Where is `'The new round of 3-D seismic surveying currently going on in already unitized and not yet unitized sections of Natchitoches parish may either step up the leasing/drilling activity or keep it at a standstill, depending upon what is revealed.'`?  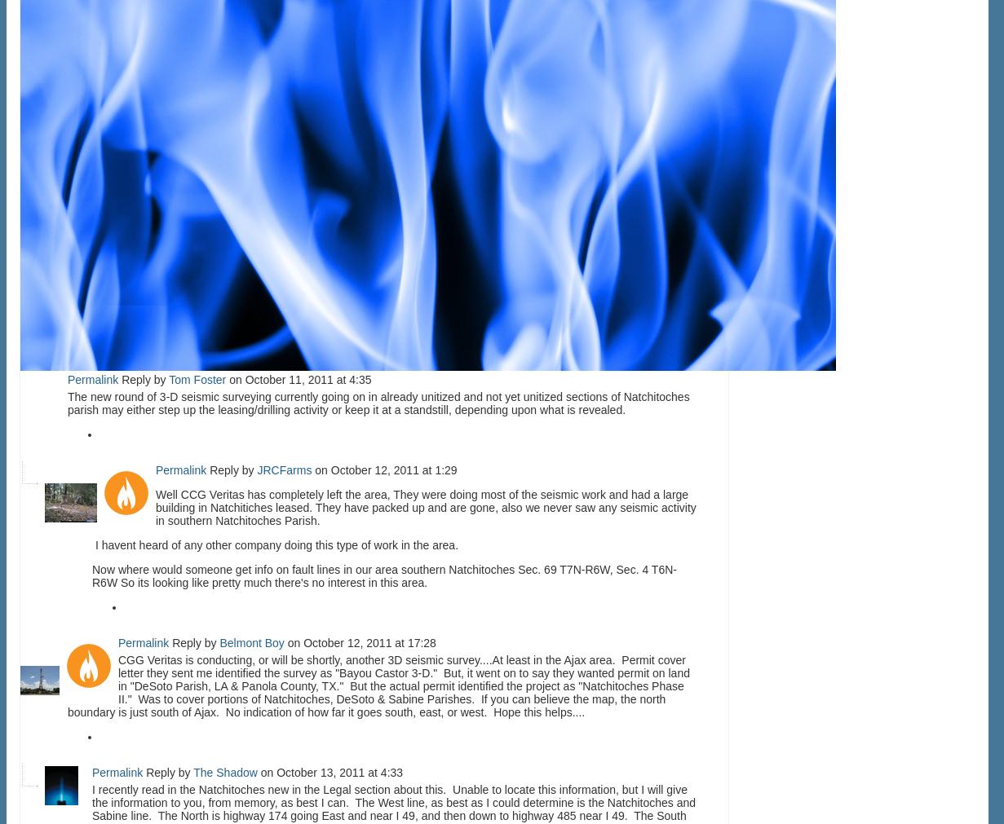
'The new round of 3-D seismic surveying currently going on in already unitized and not yet unitized sections of Natchitoches parish may either step up the leasing/drilling activity or keep it at a standstill, depending upon what is revealed.' is located at coordinates (378, 402).